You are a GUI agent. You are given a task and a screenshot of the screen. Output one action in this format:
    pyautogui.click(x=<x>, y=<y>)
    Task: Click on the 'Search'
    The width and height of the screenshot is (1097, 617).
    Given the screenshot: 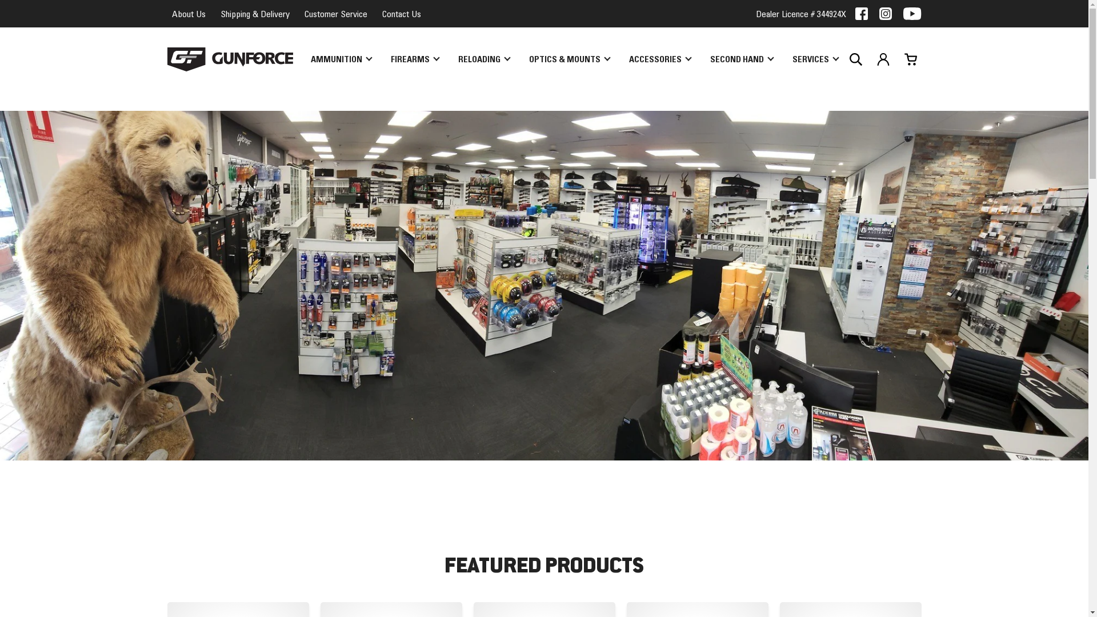 What is the action you would take?
    pyautogui.click(x=855, y=59)
    